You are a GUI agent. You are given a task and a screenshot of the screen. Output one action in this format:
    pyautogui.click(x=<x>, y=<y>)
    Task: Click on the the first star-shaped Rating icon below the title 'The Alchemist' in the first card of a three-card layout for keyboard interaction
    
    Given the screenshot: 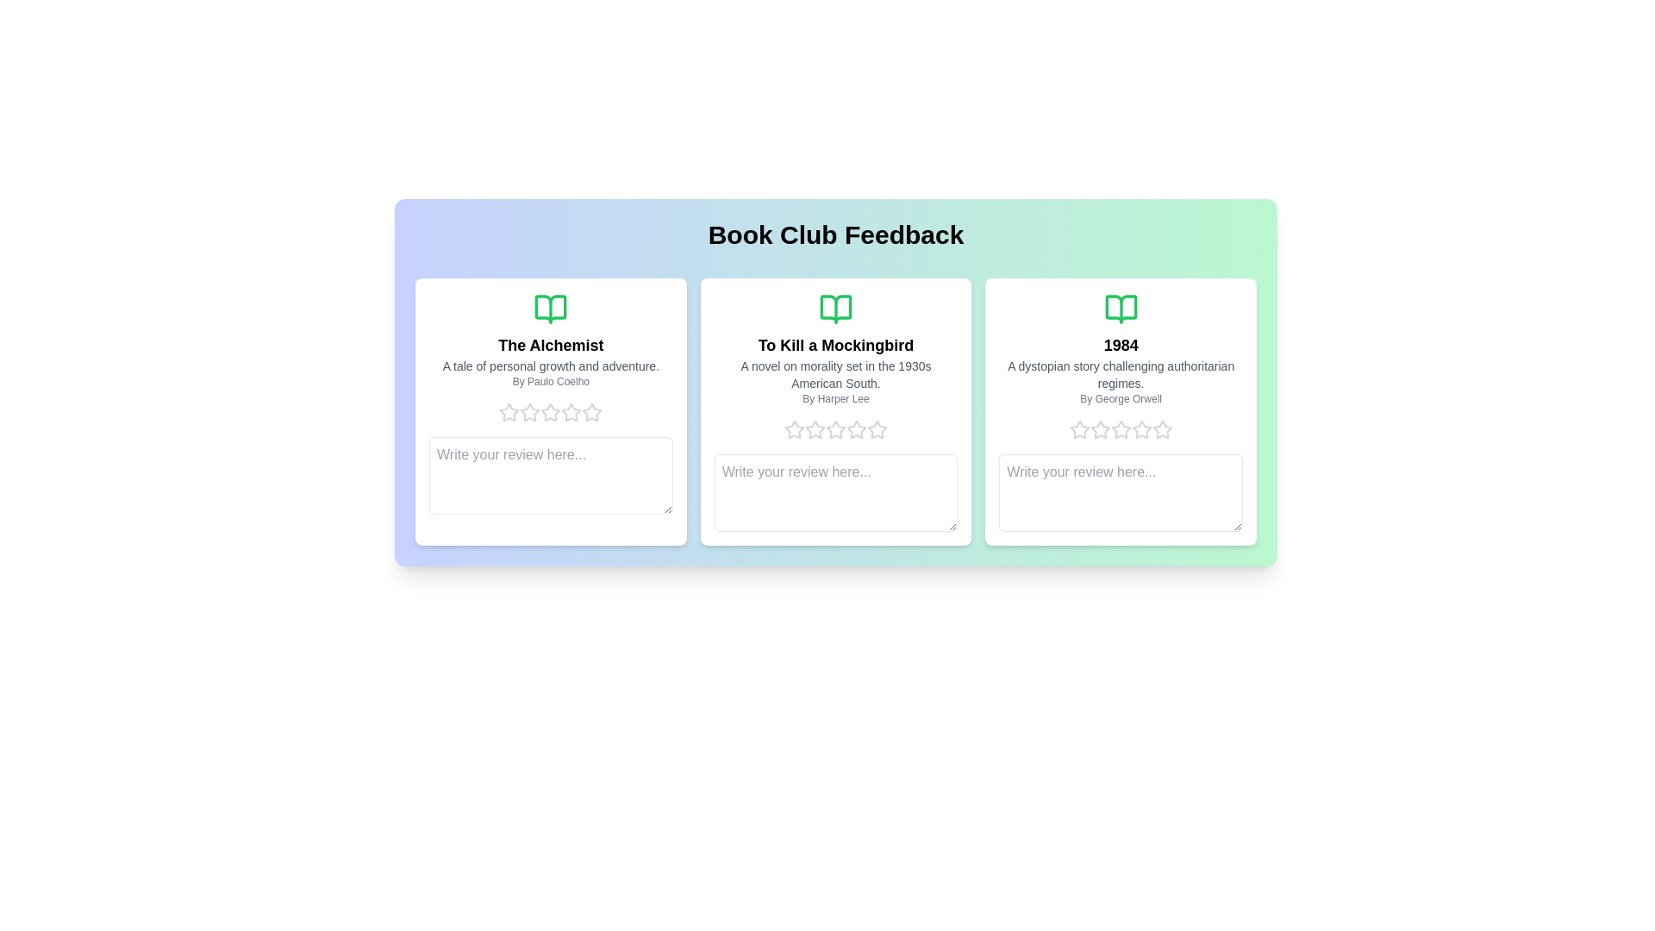 What is the action you would take?
    pyautogui.click(x=529, y=412)
    